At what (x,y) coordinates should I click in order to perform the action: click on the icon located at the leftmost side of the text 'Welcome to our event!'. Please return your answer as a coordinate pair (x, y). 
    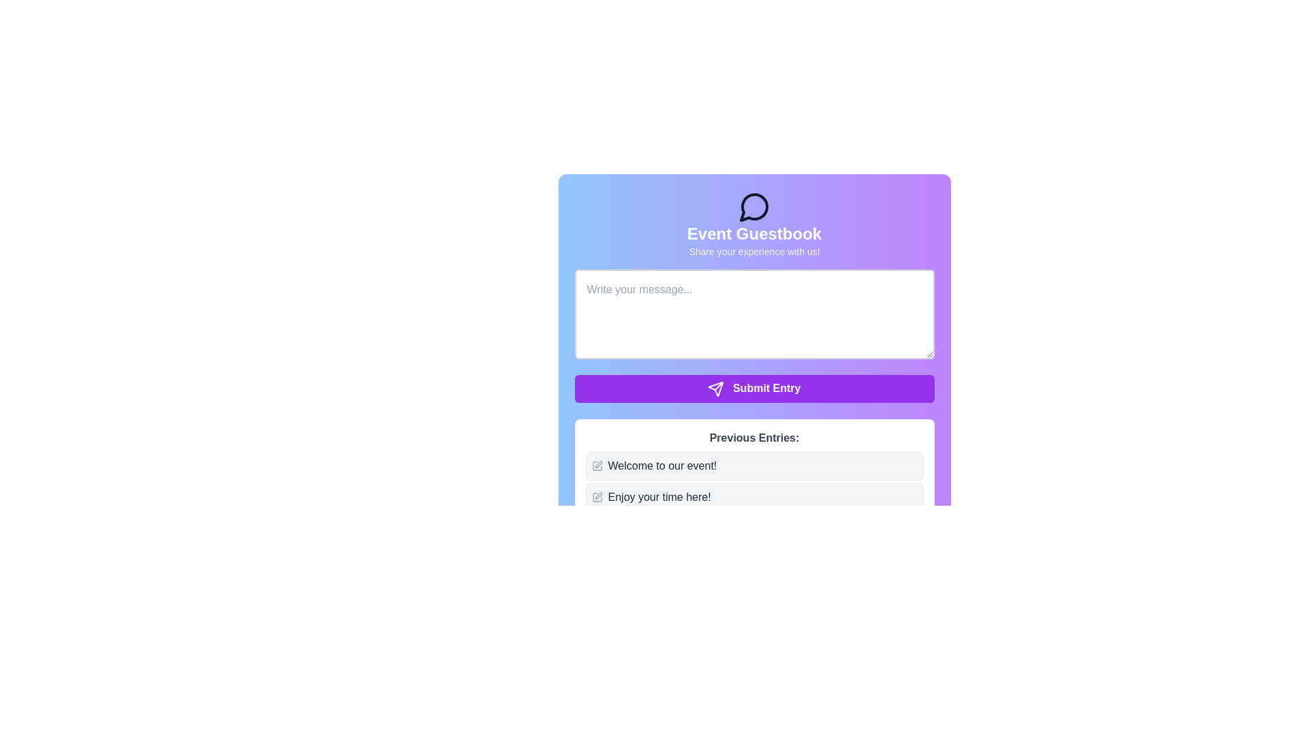
    Looking at the image, I should click on (597, 465).